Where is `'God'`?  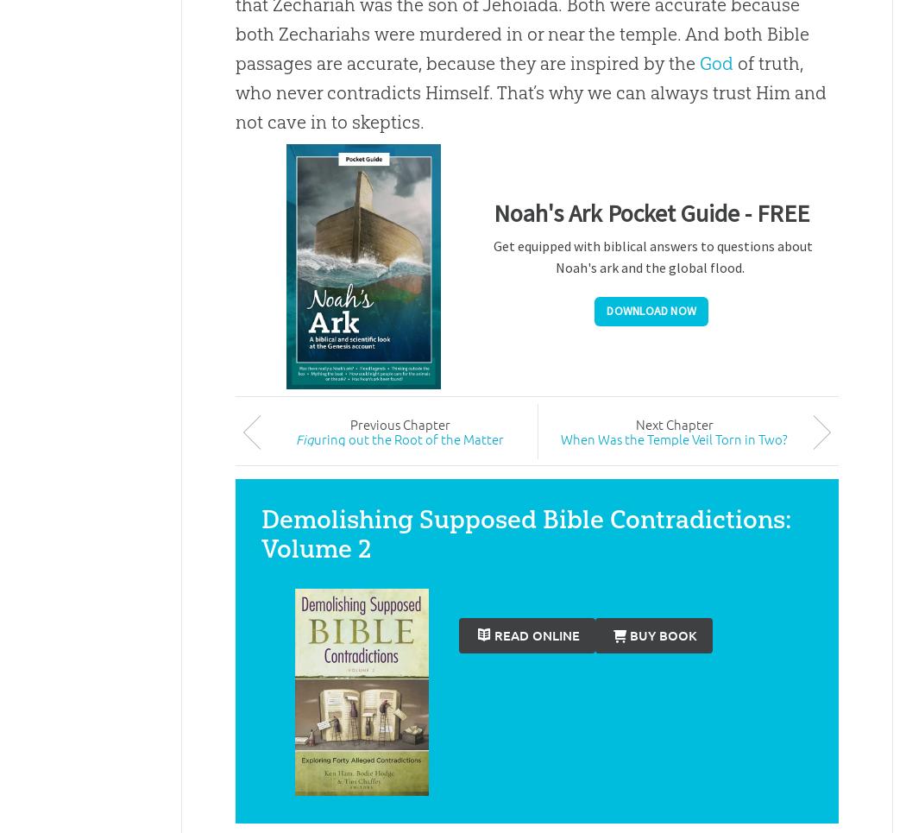 'God' is located at coordinates (715, 63).